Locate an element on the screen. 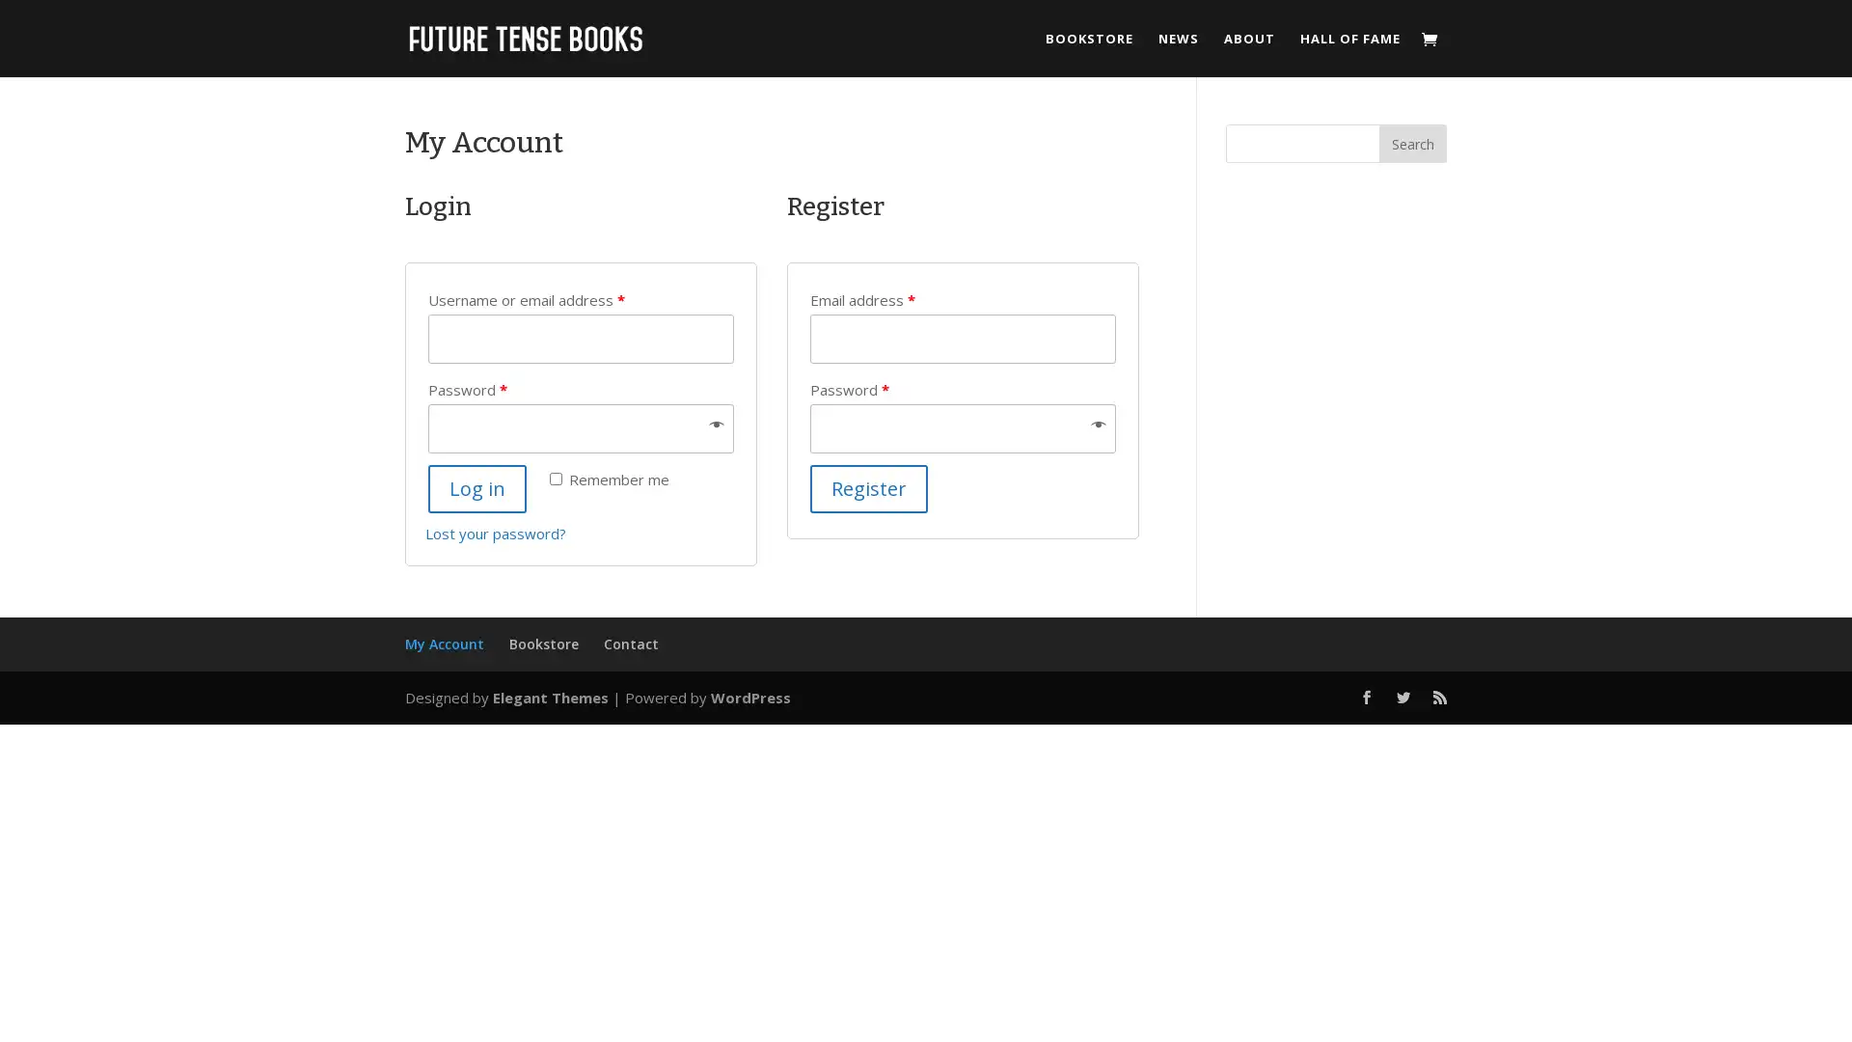 The image size is (1852, 1042). Register 5 is located at coordinates (867, 486).